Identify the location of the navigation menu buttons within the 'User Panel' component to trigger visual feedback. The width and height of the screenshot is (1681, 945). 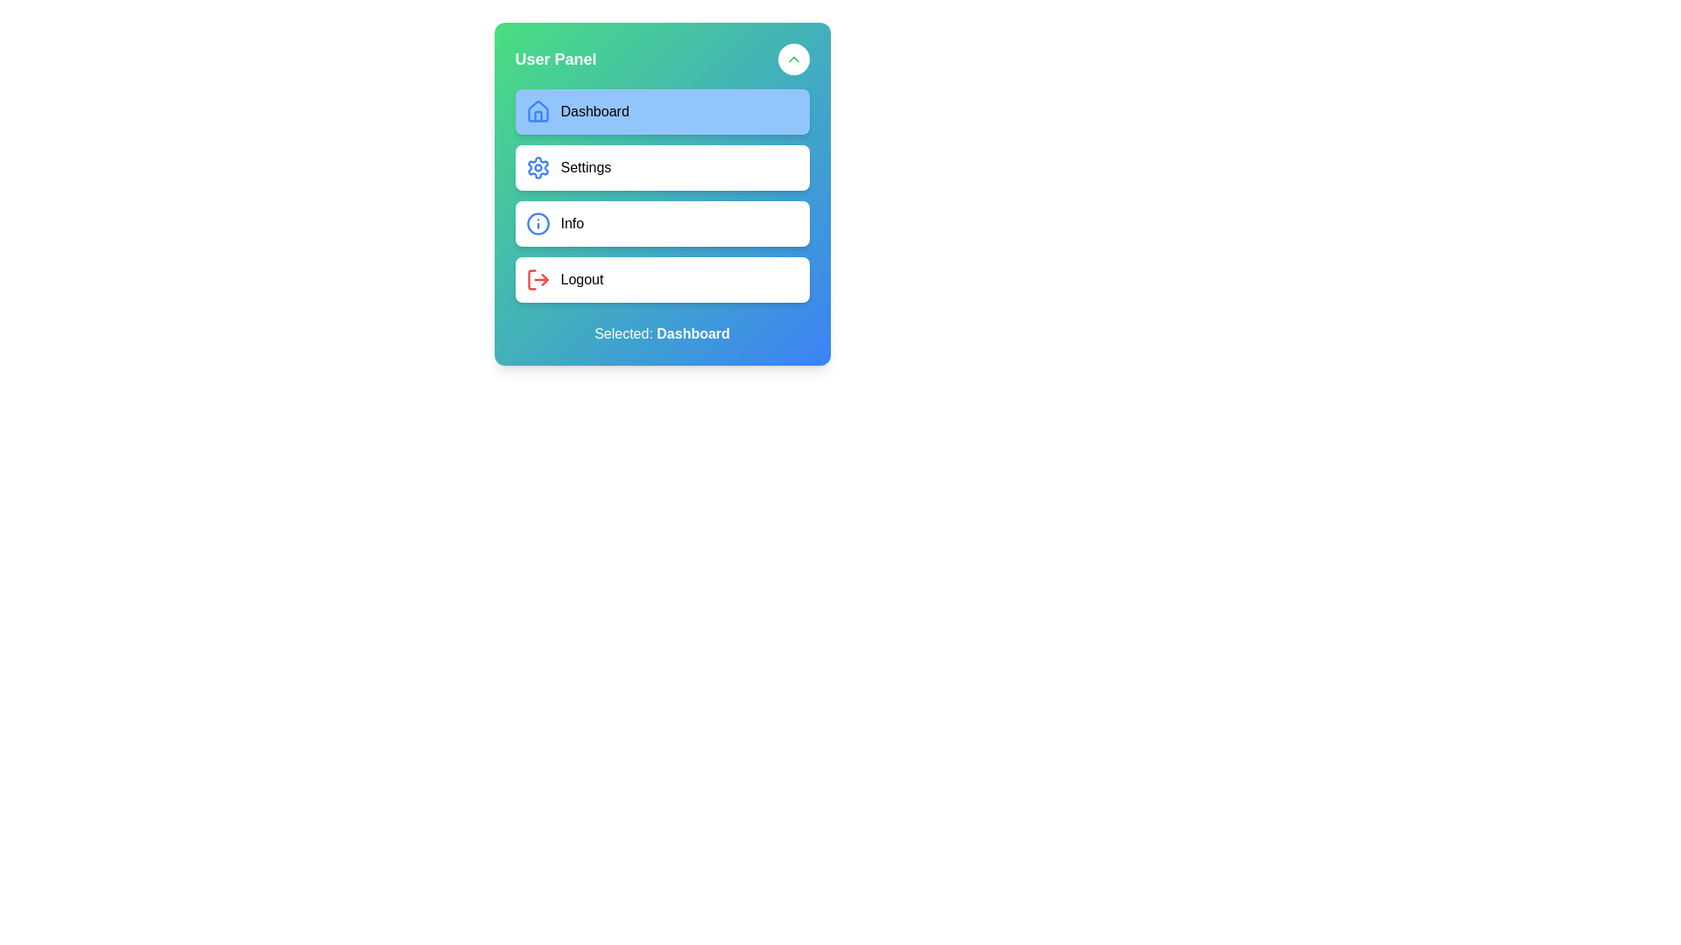
(661, 195).